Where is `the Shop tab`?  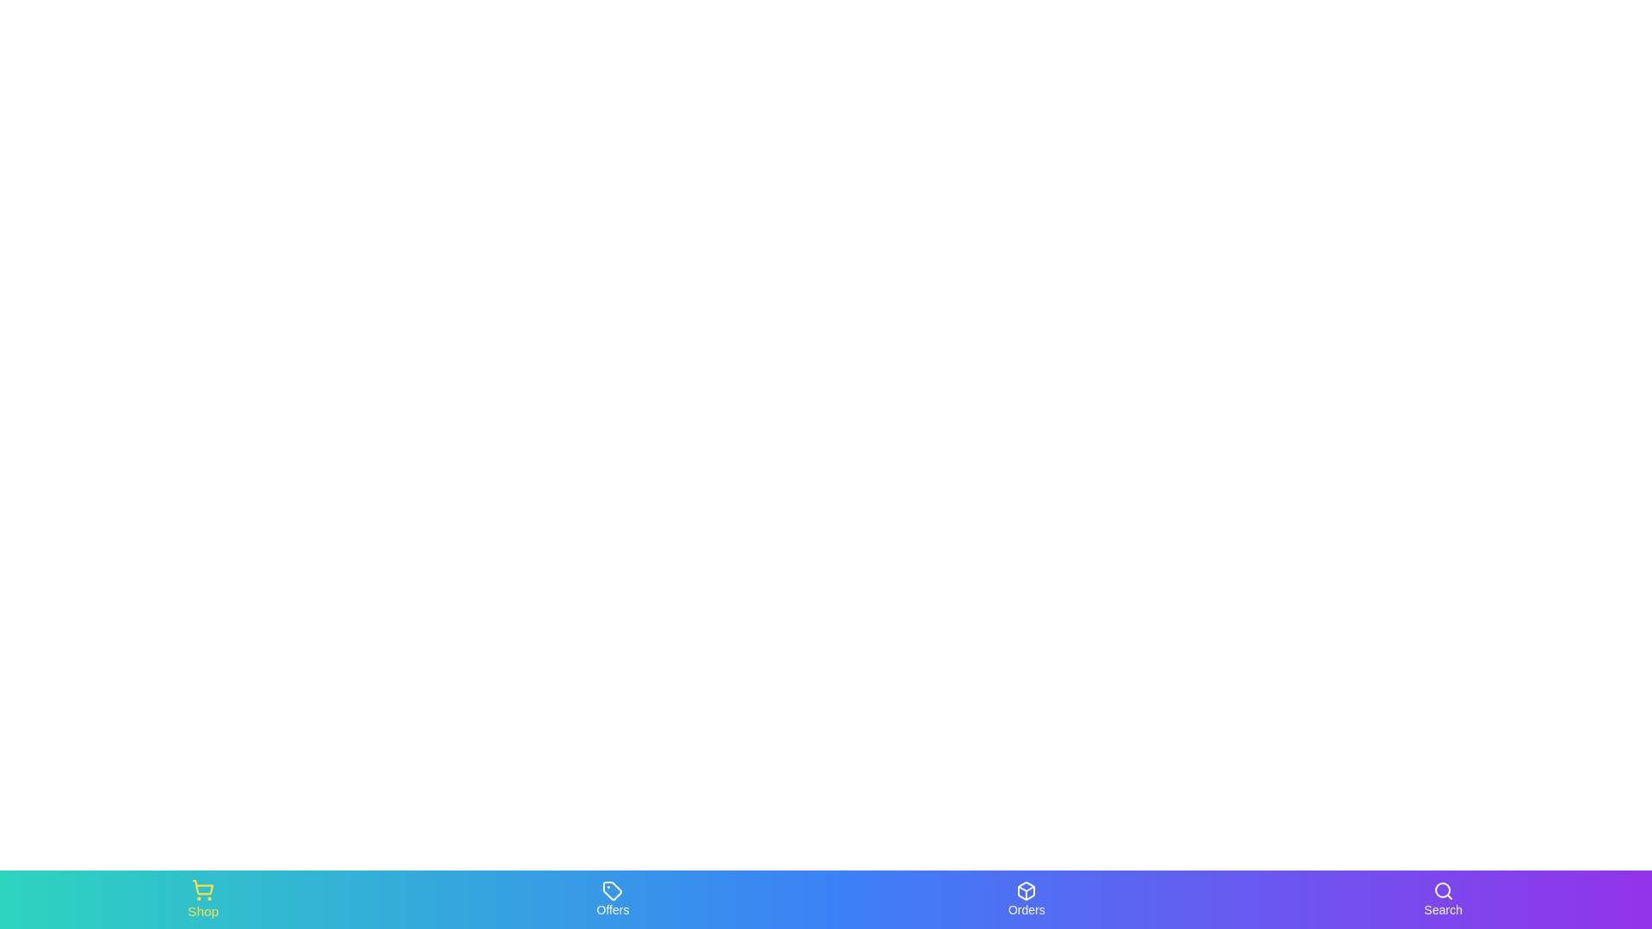 the Shop tab is located at coordinates (202, 898).